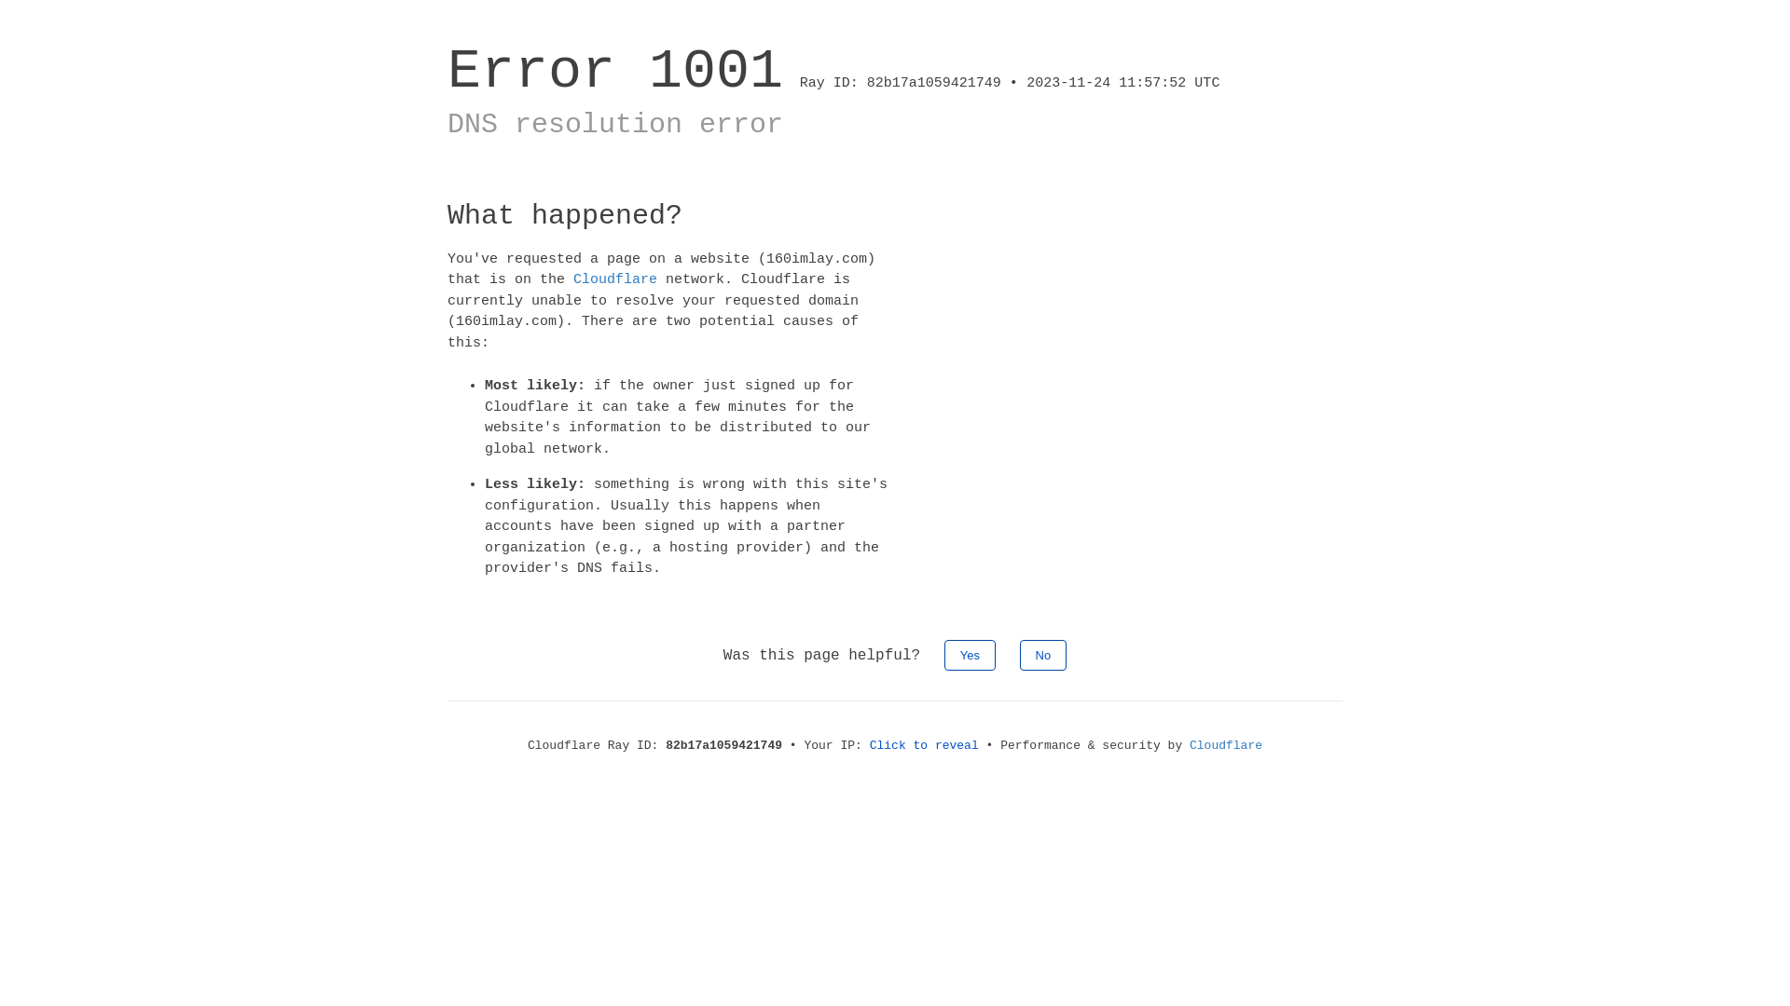 The image size is (1790, 1006). What do you see at coordinates (970, 653) in the screenshot?
I see `'Yes'` at bounding box center [970, 653].